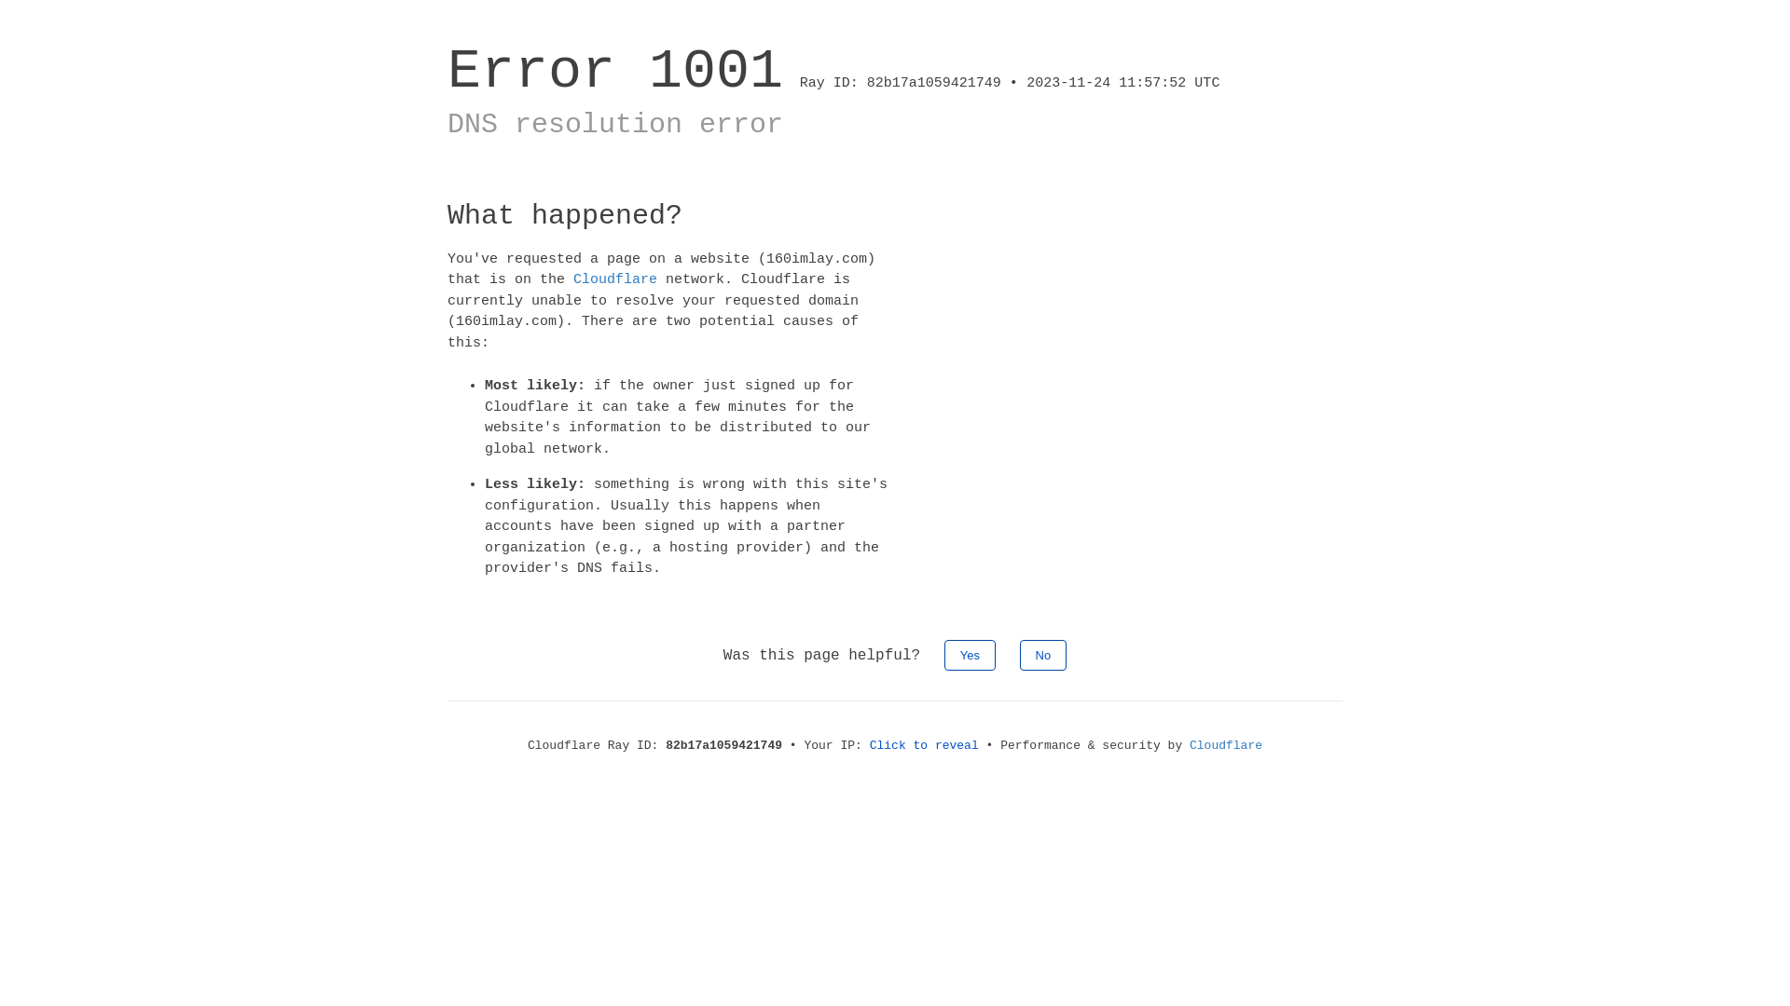 The image size is (1790, 1006). What do you see at coordinates (970, 653) in the screenshot?
I see `'Yes'` at bounding box center [970, 653].